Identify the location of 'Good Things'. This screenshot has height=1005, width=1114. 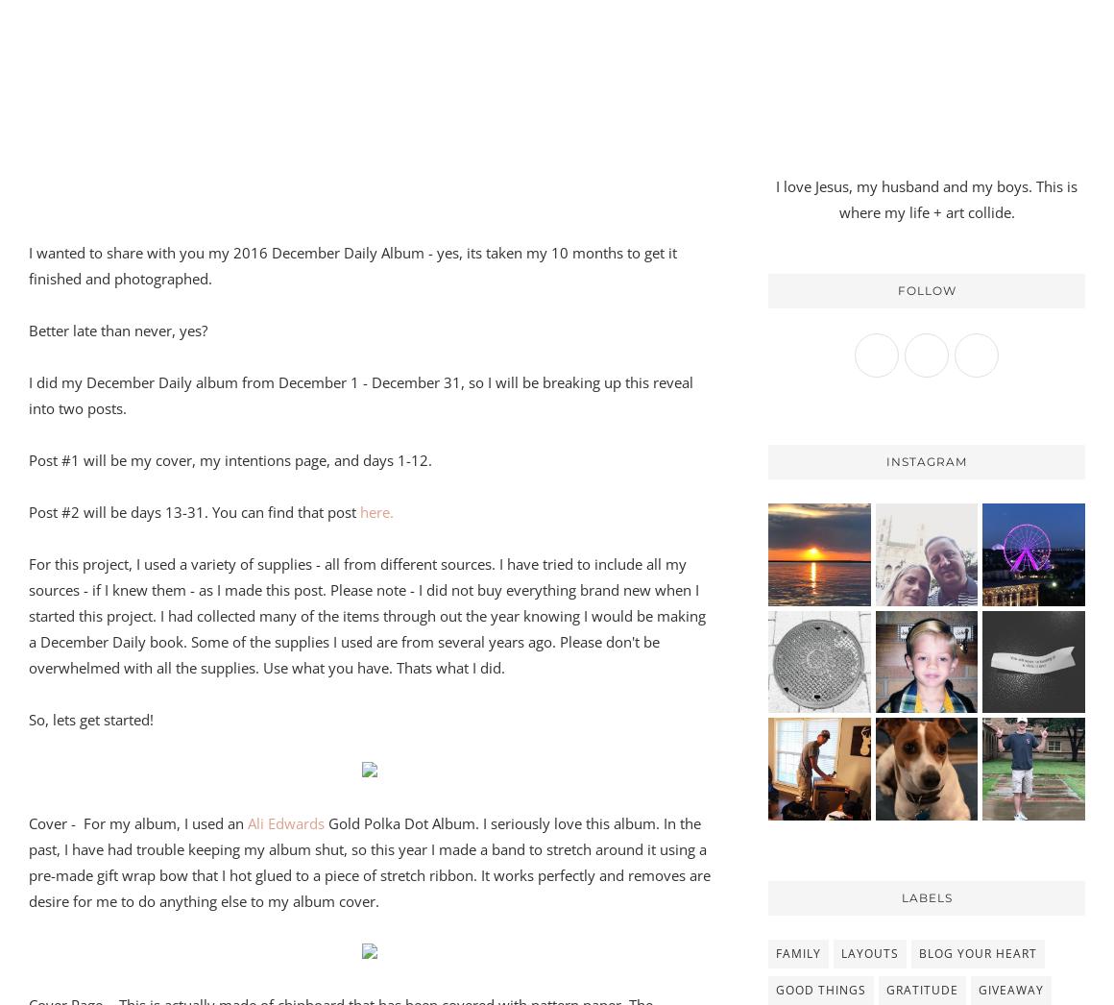
(775, 989).